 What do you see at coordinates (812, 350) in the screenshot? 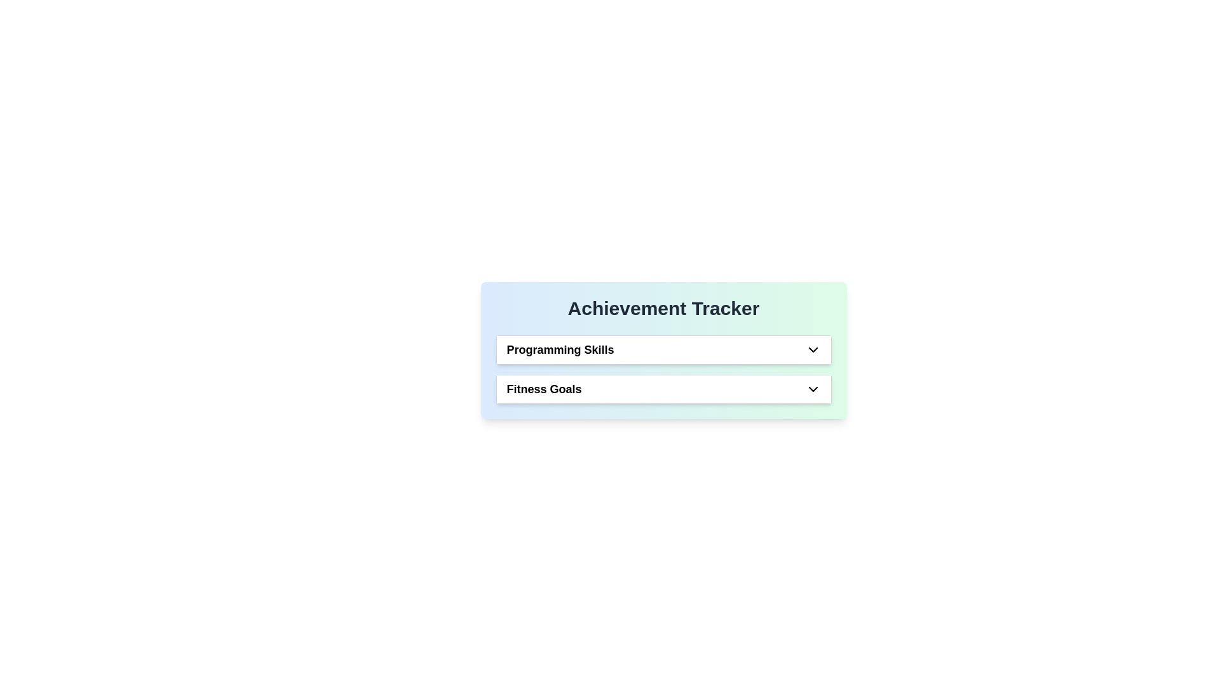
I see `the dropdown button for Programming Skills to expand it` at bounding box center [812, 350].